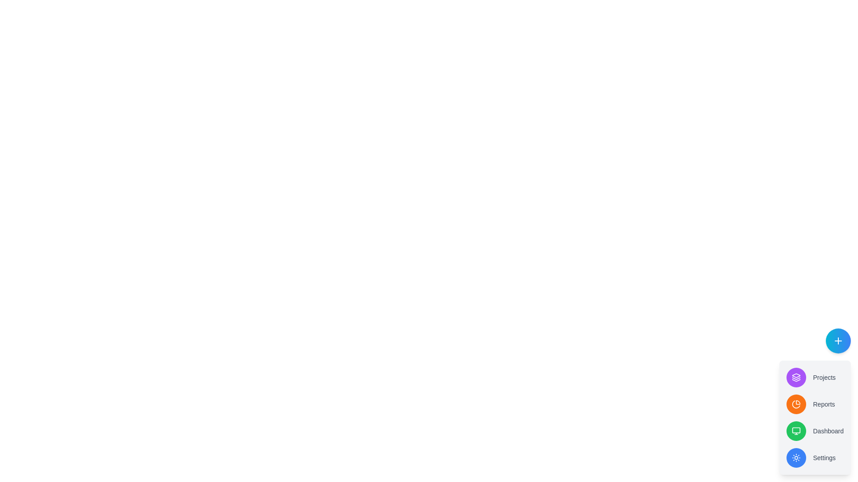  Describe the element at coordinates (796, 377) in the screenshot. I see `the top circular button in the floating menu on the right-hand side of the interface` at that location.